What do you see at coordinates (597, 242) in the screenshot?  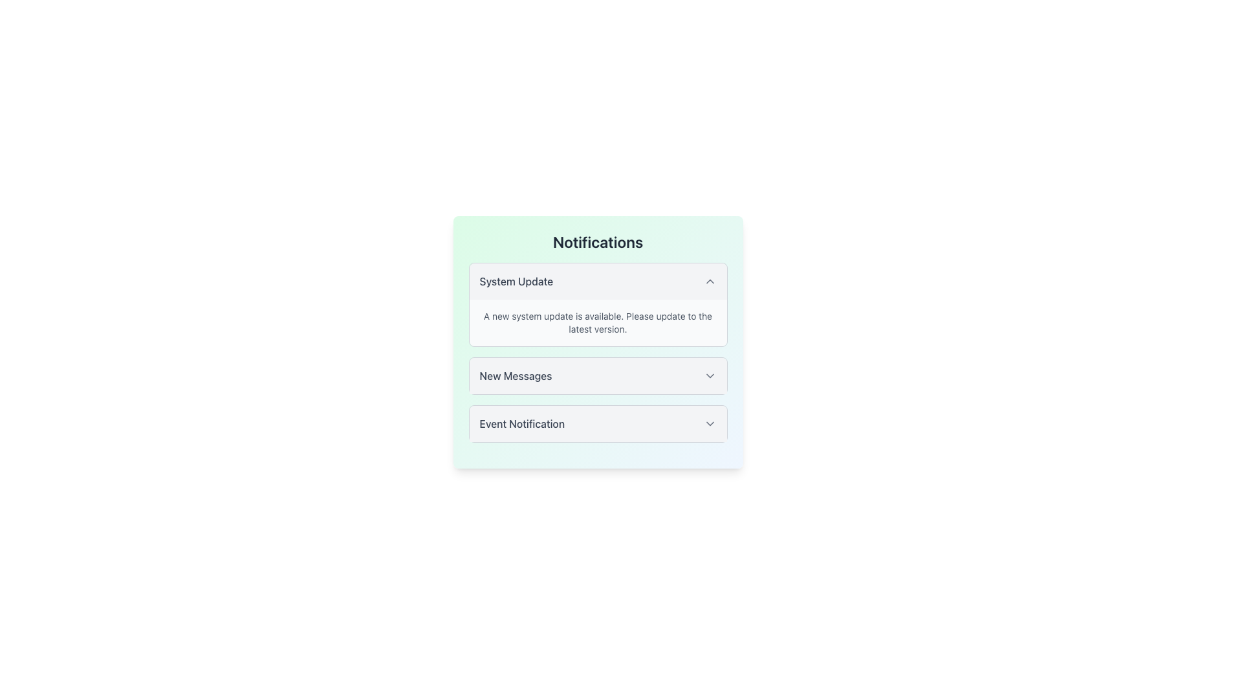 I see `the 'Notifications' header text, which is a bold, oversized text element centered at the top of a notification card with a gradient background` at bounding box center [597, 242].